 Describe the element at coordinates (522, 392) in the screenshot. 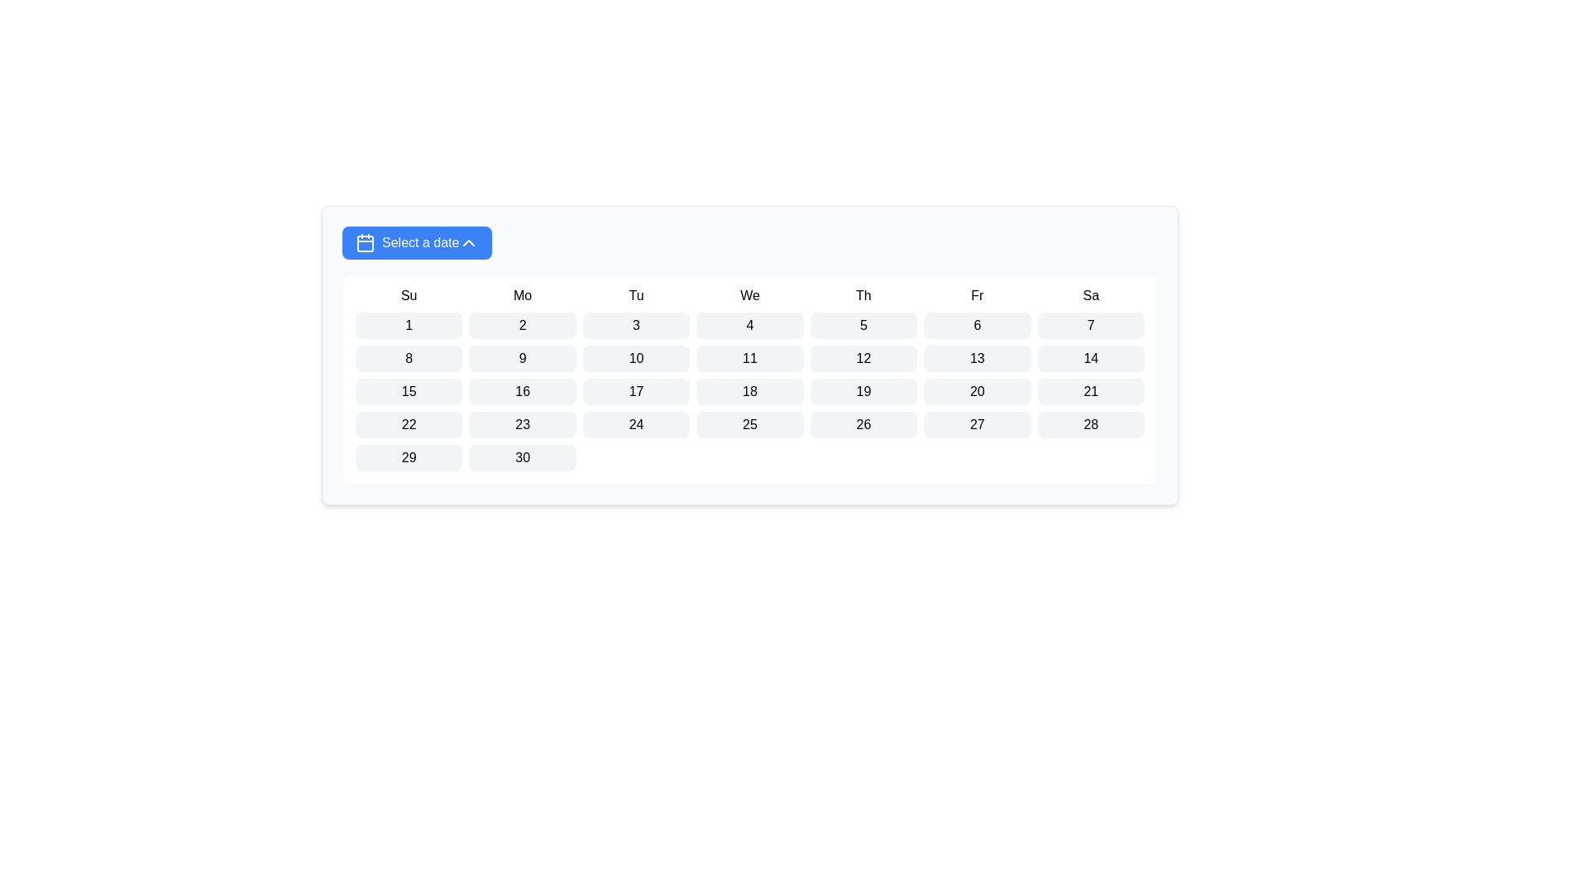

I see `the selection button for the 16th day of the month located in the 'Mo' column, third row, between the elements labeled '15' and '17'` at that location.